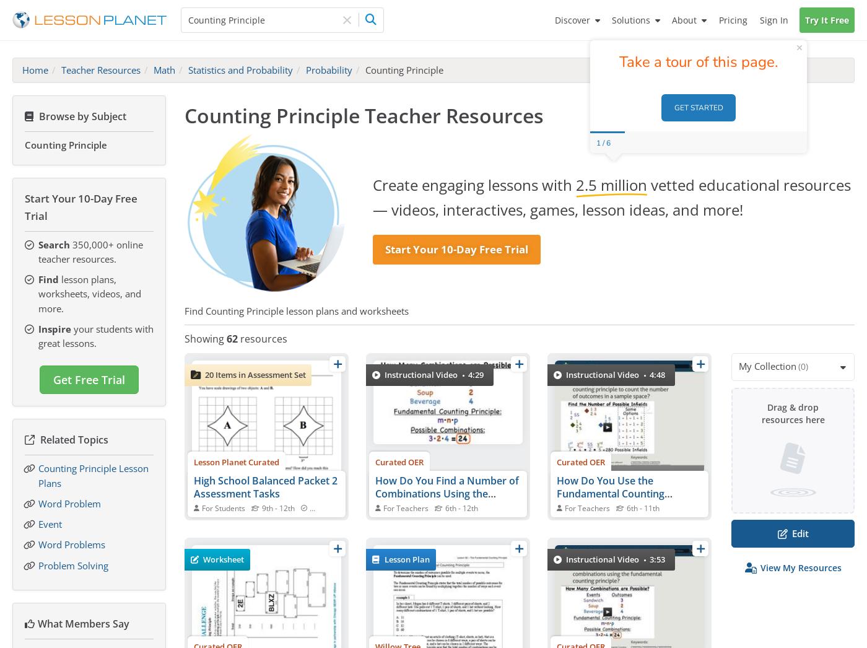 The width and height of the screenshot is (867, 648). I want to click on 'resources', so click(263, 338).